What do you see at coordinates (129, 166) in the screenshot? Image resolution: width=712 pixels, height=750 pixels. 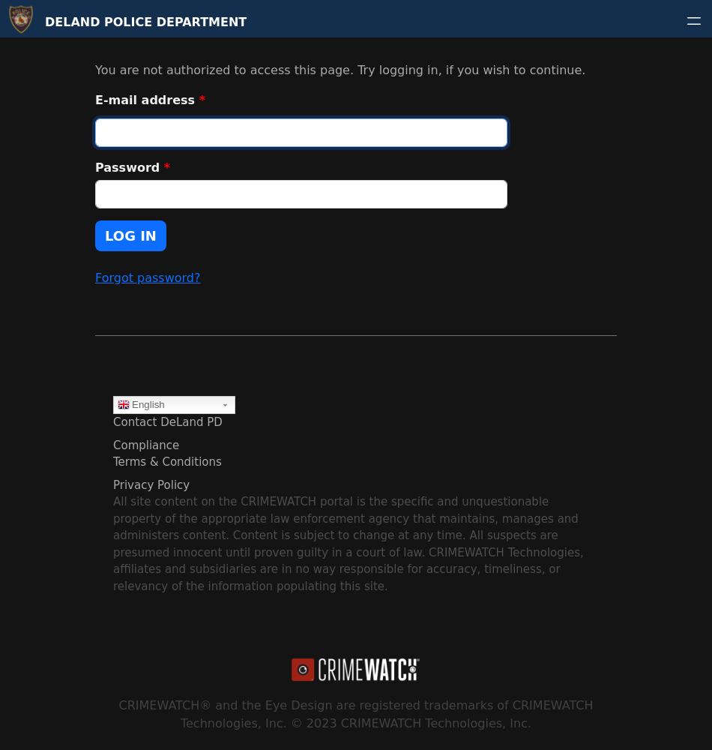 I see `'Password'` at bounding box center [129, 166].